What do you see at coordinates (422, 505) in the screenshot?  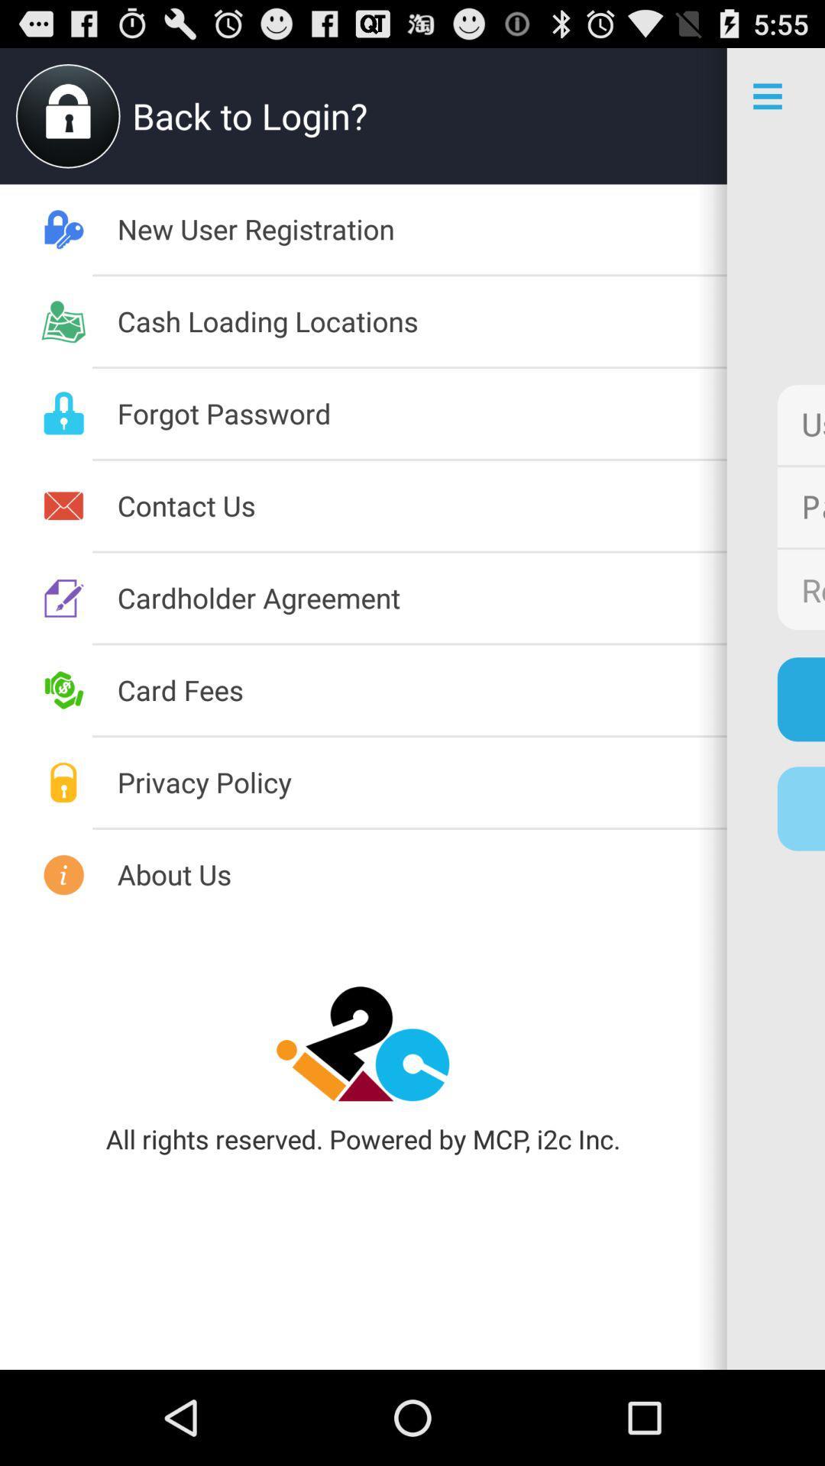 I see `the contact us icon` at bounding box center [422, 505].